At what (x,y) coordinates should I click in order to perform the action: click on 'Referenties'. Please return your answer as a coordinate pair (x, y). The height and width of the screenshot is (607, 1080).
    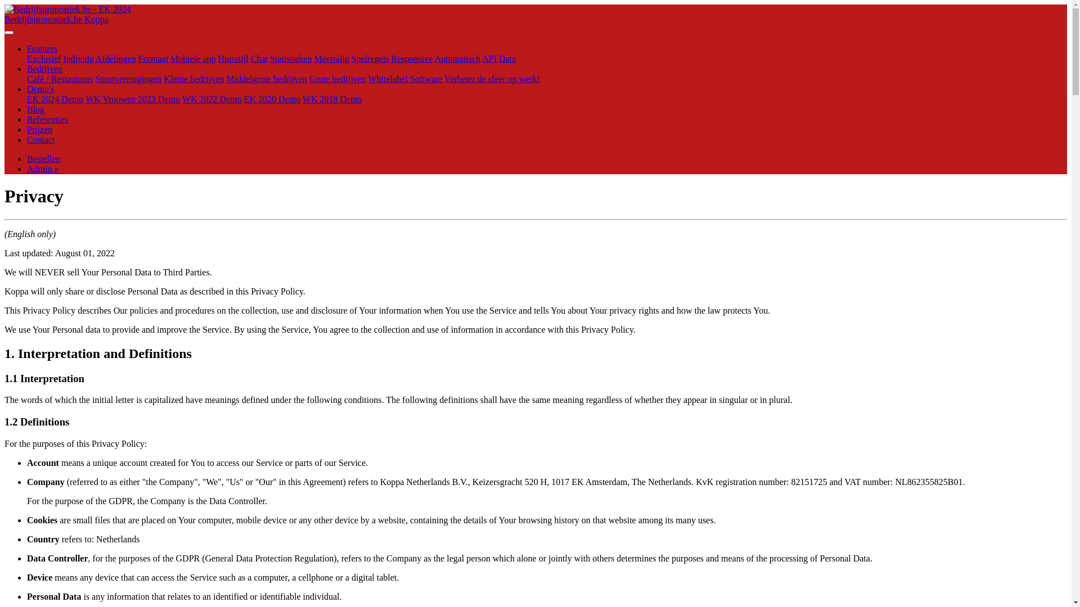
    Looking at the image, I should click on (47, 119).